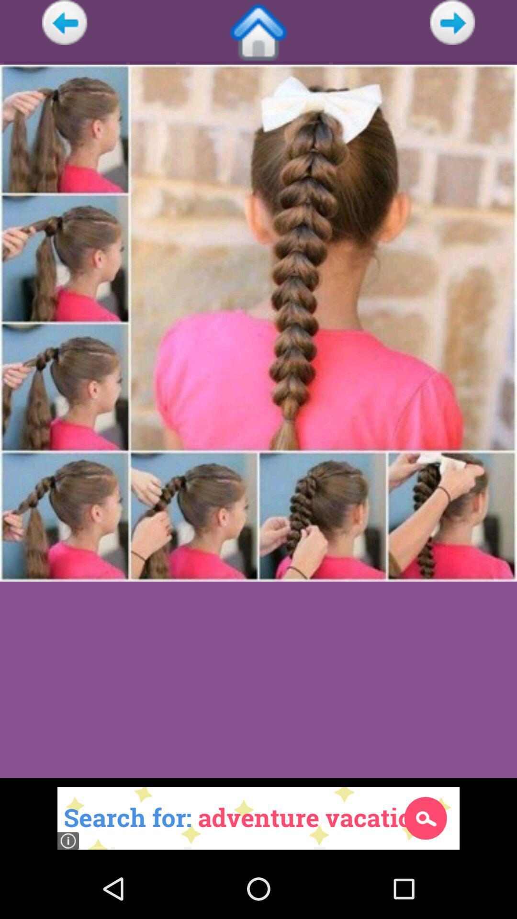 This screenshot has width=517, height=919. Describe the element at coordinates (452, 24) in the screenshot. I see `the arrow_forward icon` at that location.